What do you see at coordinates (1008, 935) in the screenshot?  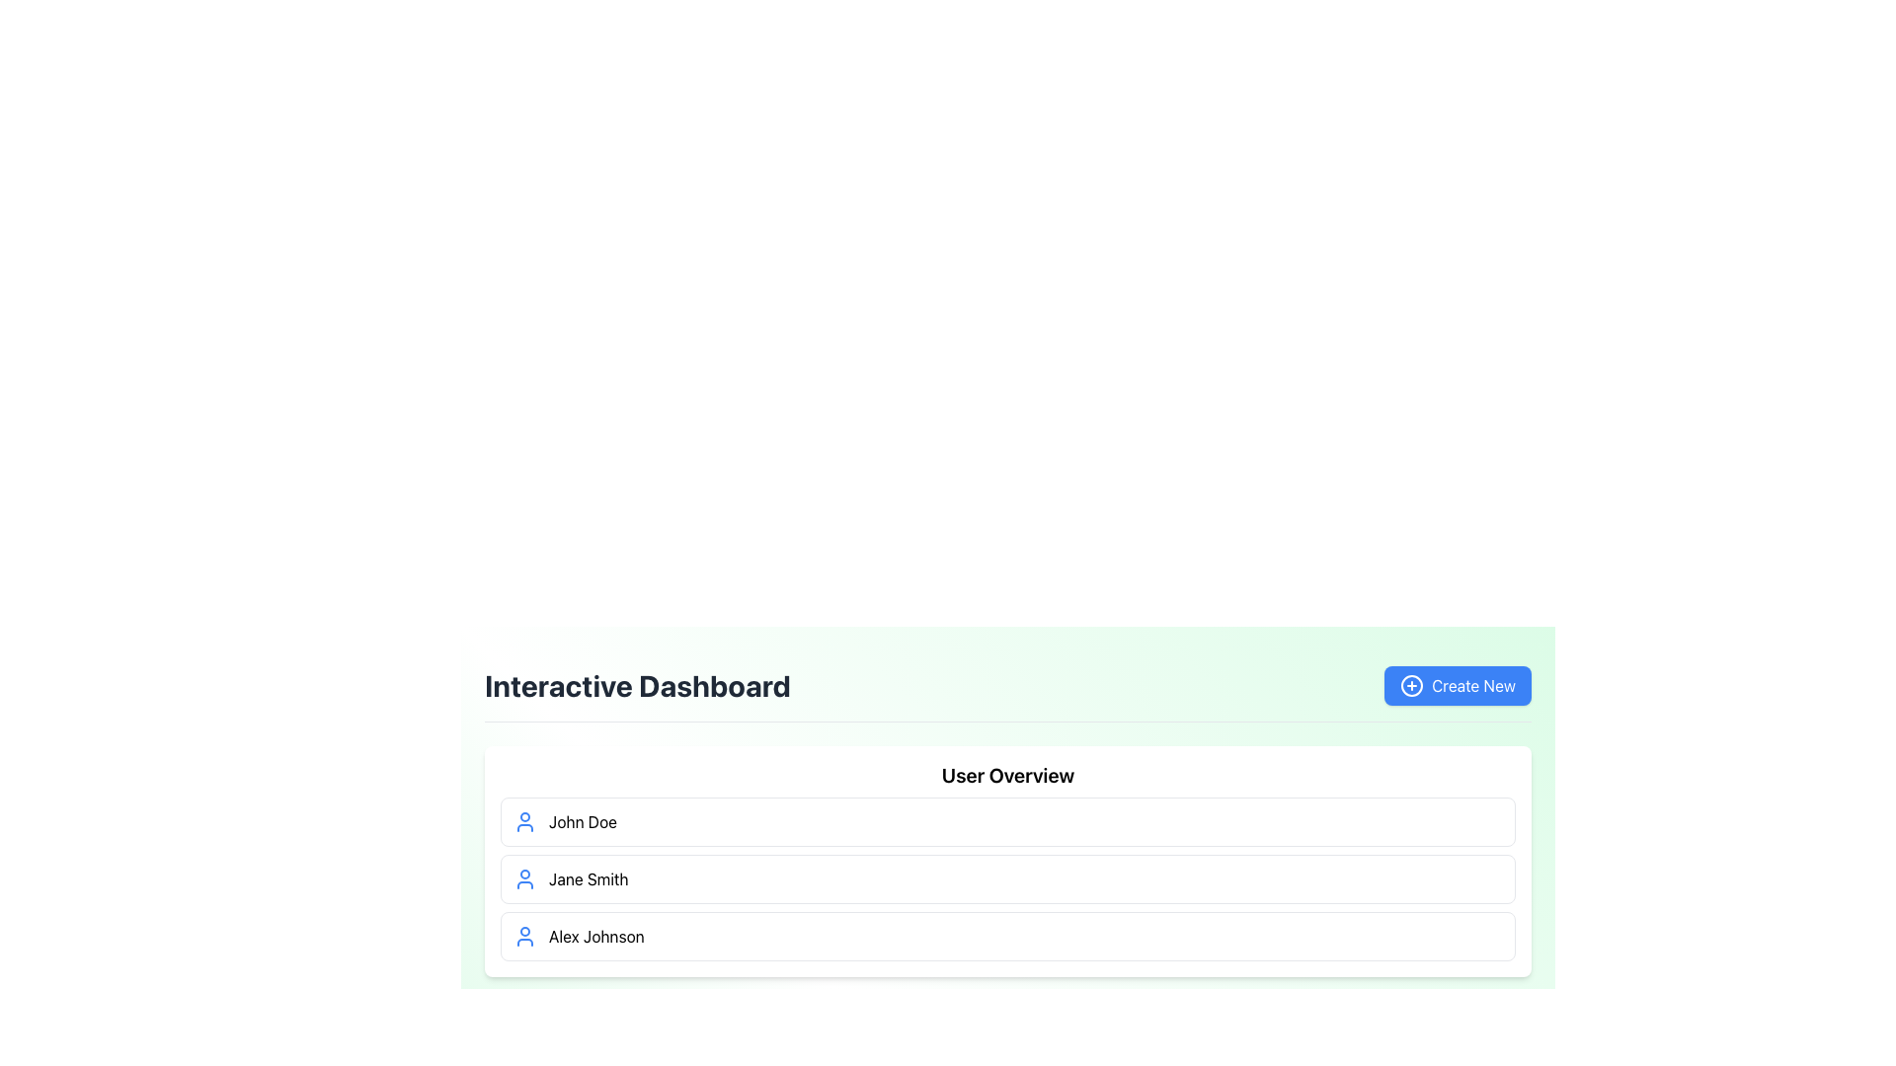 I see `the user entry list item displaying 'Alex Johnson' to trigger style changes` at bounding box center [1008, 935].